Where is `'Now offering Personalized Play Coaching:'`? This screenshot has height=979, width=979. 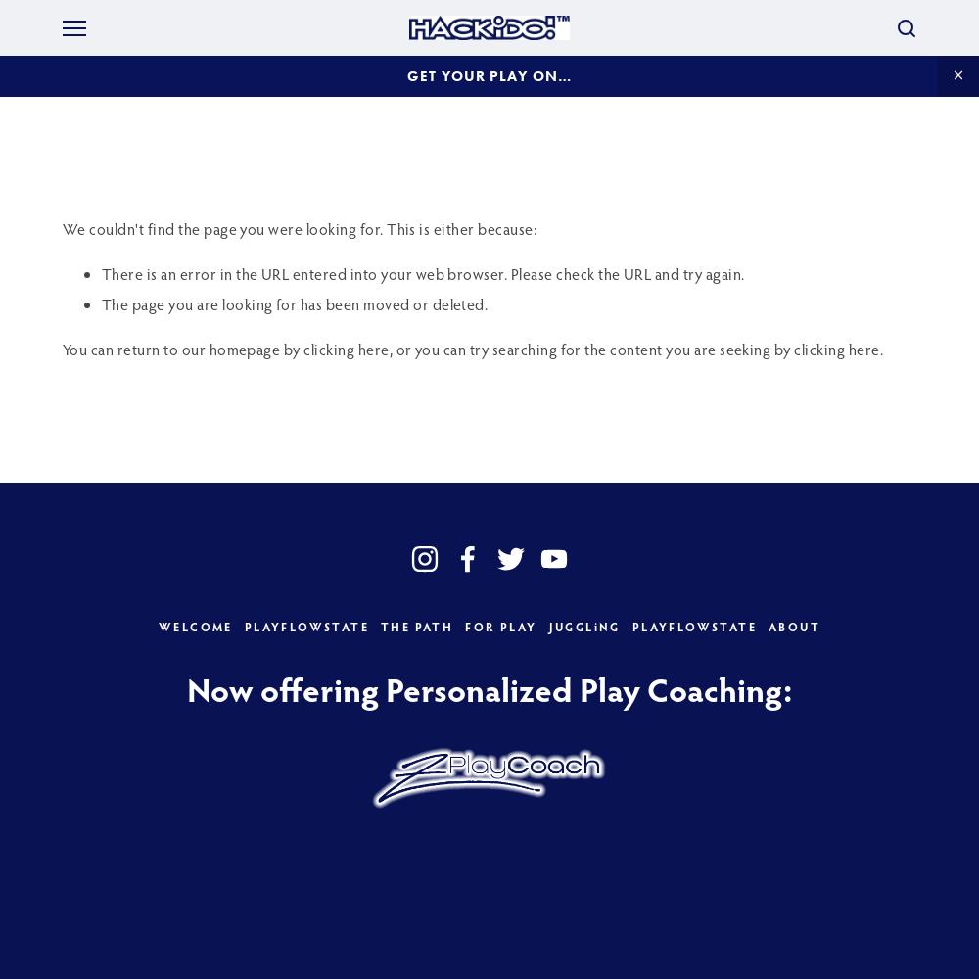
'Now offering Personalized Play Coaching:' is located at coordinates (186, 686).